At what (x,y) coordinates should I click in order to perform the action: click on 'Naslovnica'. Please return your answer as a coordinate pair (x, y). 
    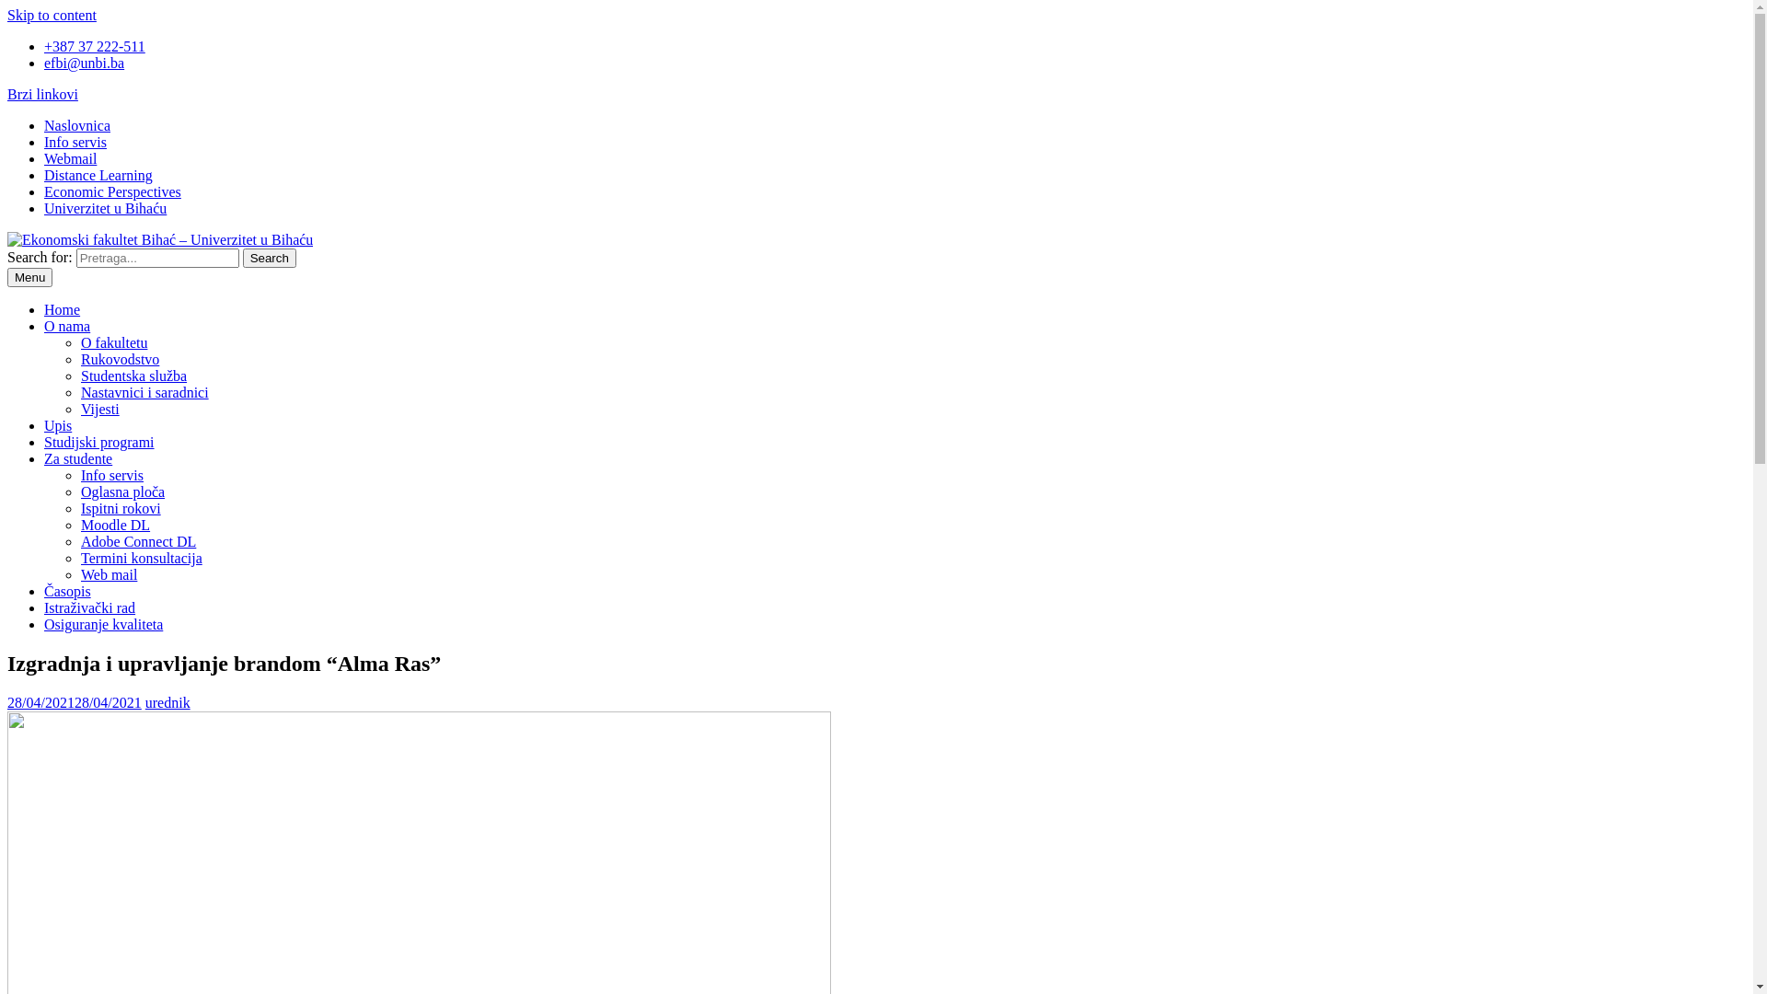
    Looking at the image, I should click on (75, 124).